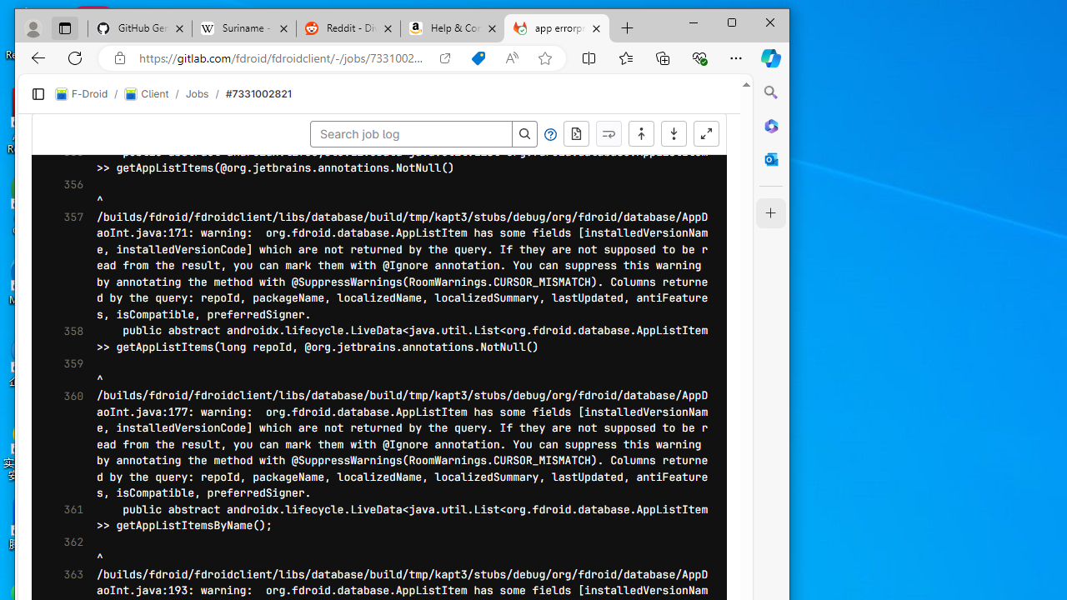  I want to click on '410', so click(61, 375).